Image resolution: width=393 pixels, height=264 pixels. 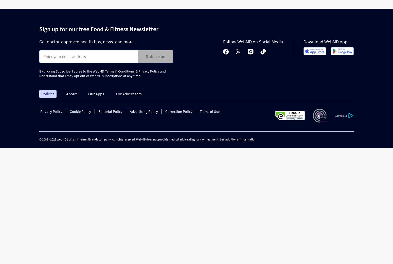 What do you see at coordinates (87, 41) in the screenshot?
I see `'Get doctor-approved health tips, news, and more.'` at bounding box center [87, 41].